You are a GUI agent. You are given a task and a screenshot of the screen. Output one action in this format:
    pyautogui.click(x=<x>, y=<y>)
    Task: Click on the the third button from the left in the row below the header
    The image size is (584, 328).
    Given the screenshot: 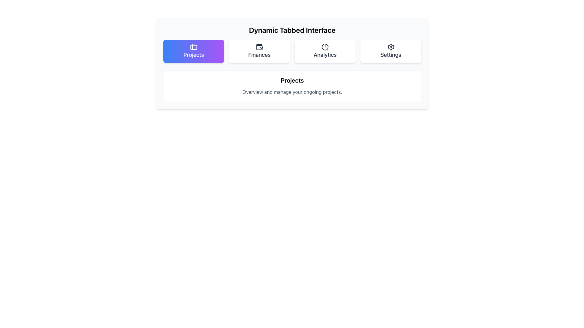 What is the action you would take?
    pyautogui.click(x=325, y=51)
    